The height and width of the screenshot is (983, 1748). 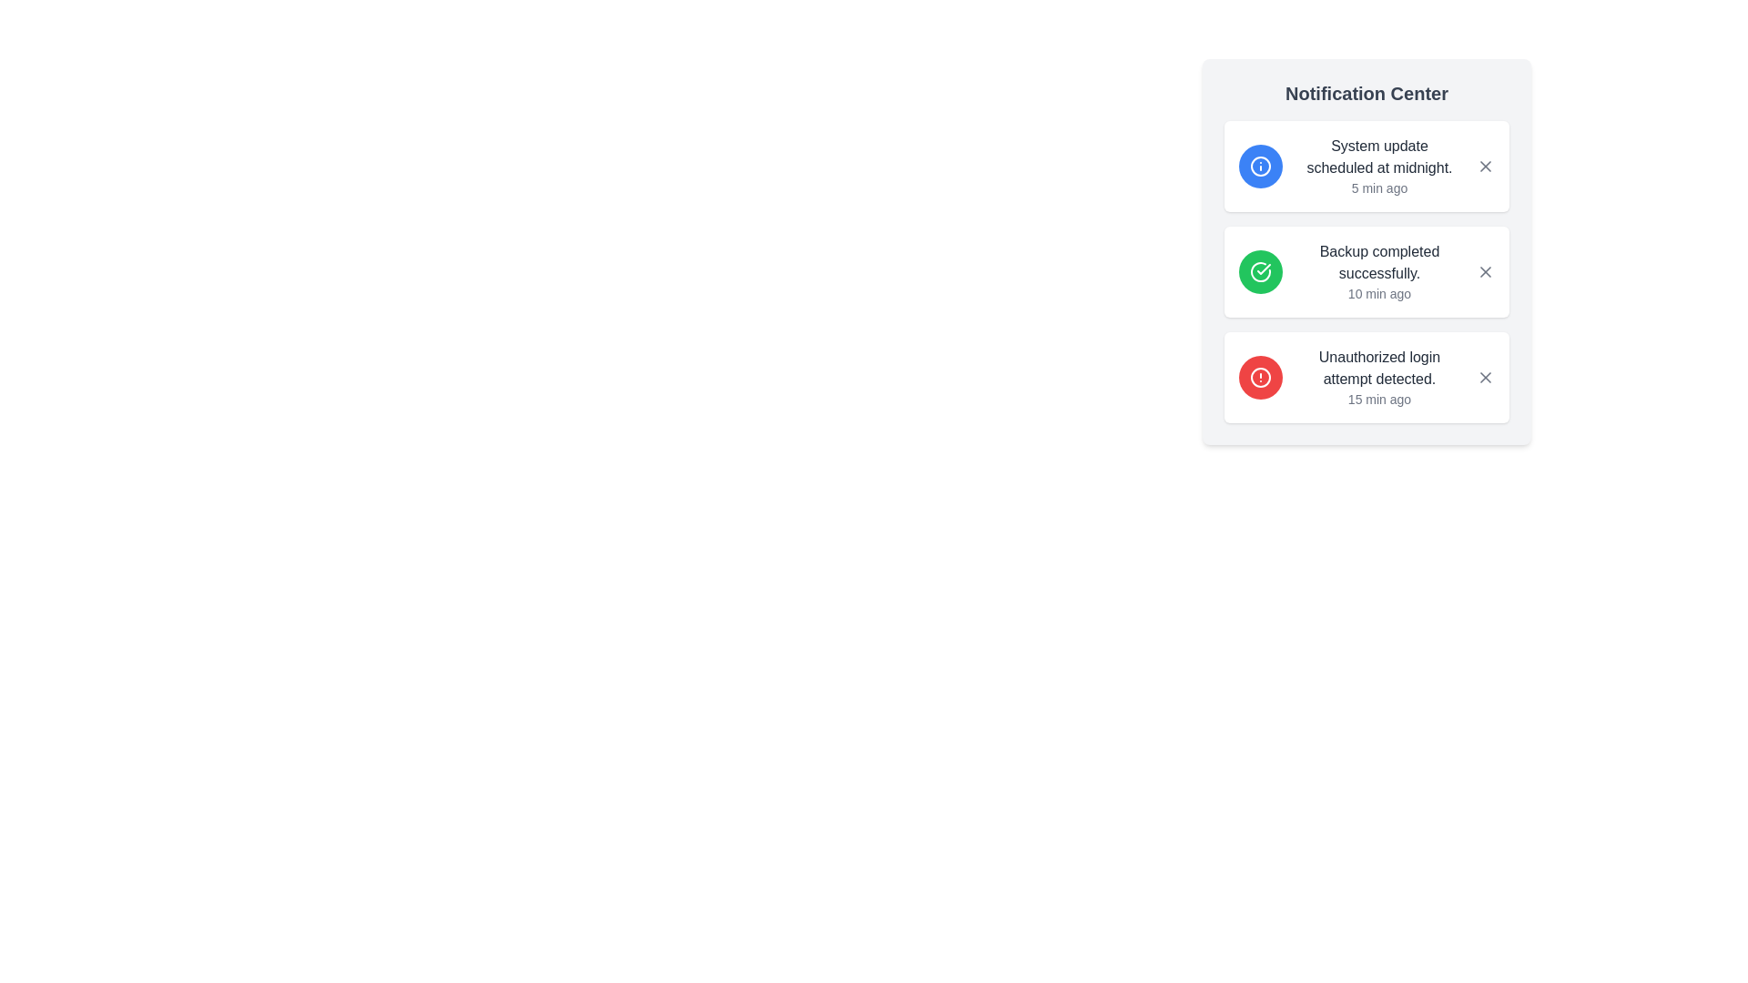 I want to click on the checkmark icon within the green circular badge located in the second notification card of the notification center, which indicates a successful backup completion, so click(x=1263, y=269).